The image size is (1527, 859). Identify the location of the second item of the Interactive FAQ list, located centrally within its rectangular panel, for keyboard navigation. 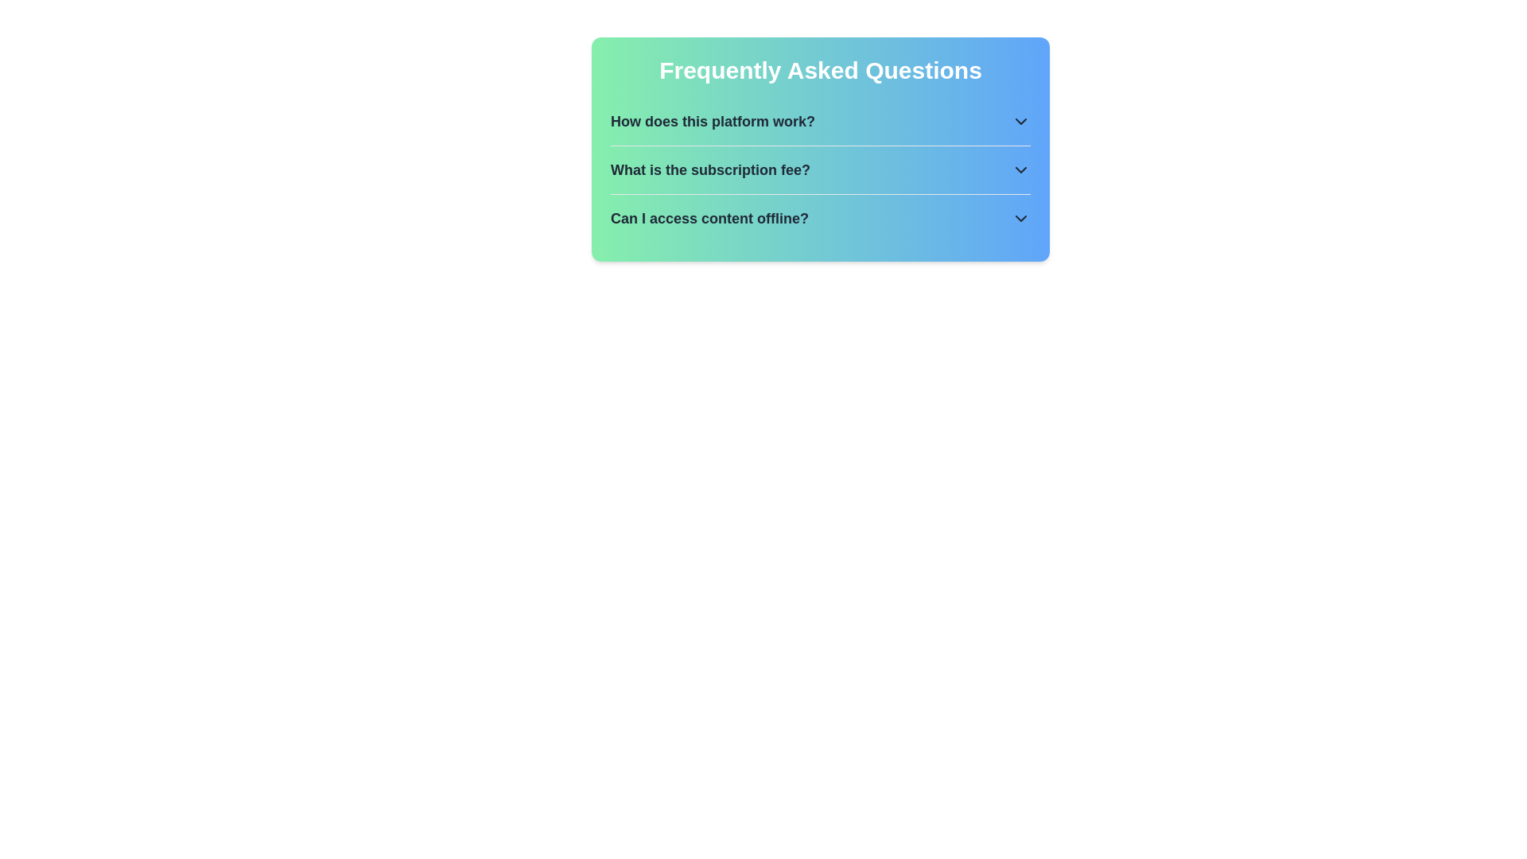
(821, 169).